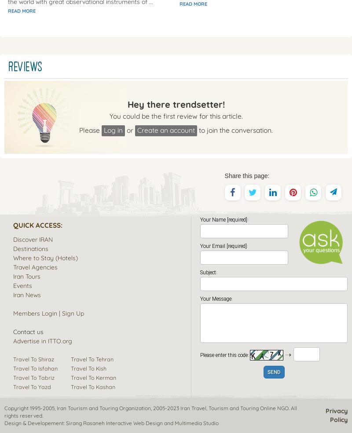 This screenshot has width=352, height=433. What do you see at coordinates (13, 340) in the screenshot?
I see `'Advertise in ITTO.org'` at bounding box center [13, 340].